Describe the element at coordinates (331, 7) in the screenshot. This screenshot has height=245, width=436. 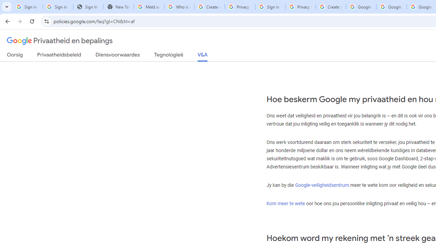
I see `'Create your Google Account'` at that location.